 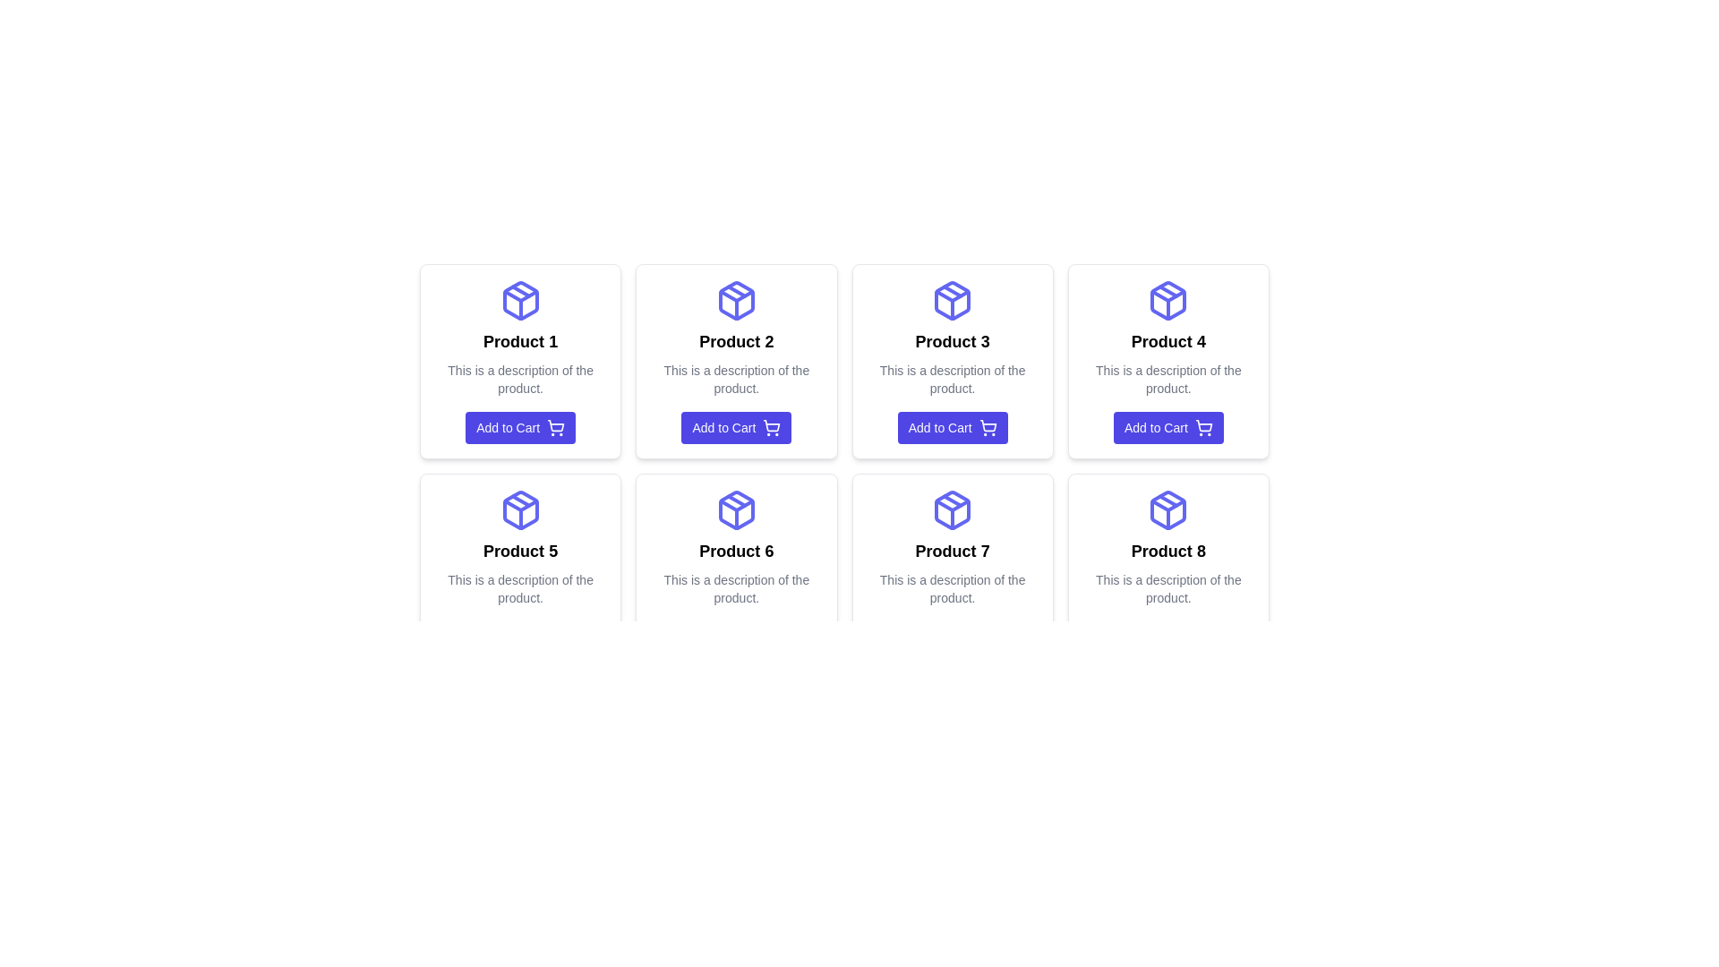 I want to click on the text label displaying 'Product 8', which is located inside the last product card in the second row of a responsive grid layout, so click(x=1168, y=551).